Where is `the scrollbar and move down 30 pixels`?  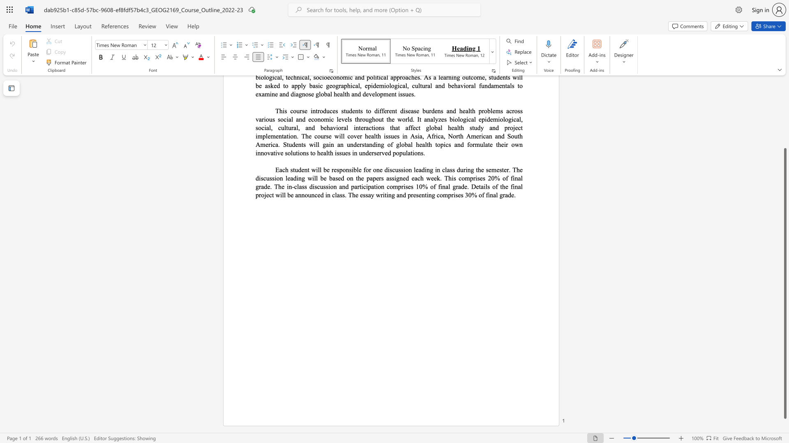 the scrollbar and move down 30 pixels is located at coordinates (784, 283).